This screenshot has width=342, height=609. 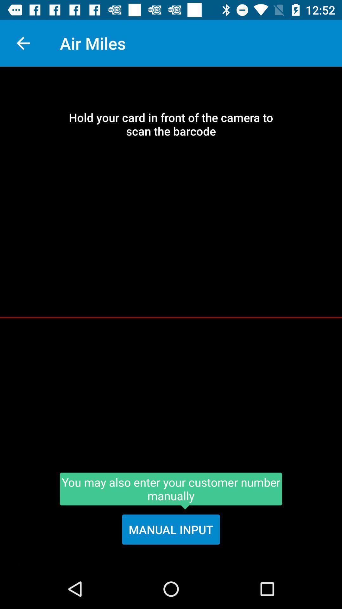 What do you see at coordinates (171, 529) in the screenshot?
I see `the manual input` at bounding box center [171, 529].